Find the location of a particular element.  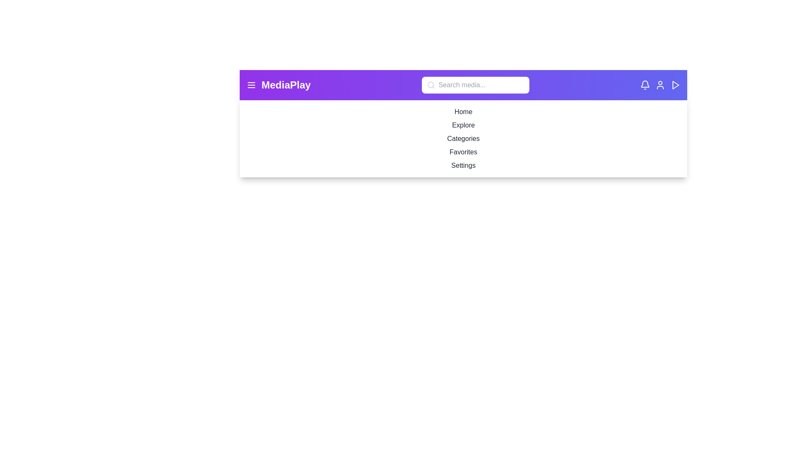

the 'Settings' text link, which is the last item in the vertical navigation menu, to activate its hover styles is located at coordinates (463, 165).